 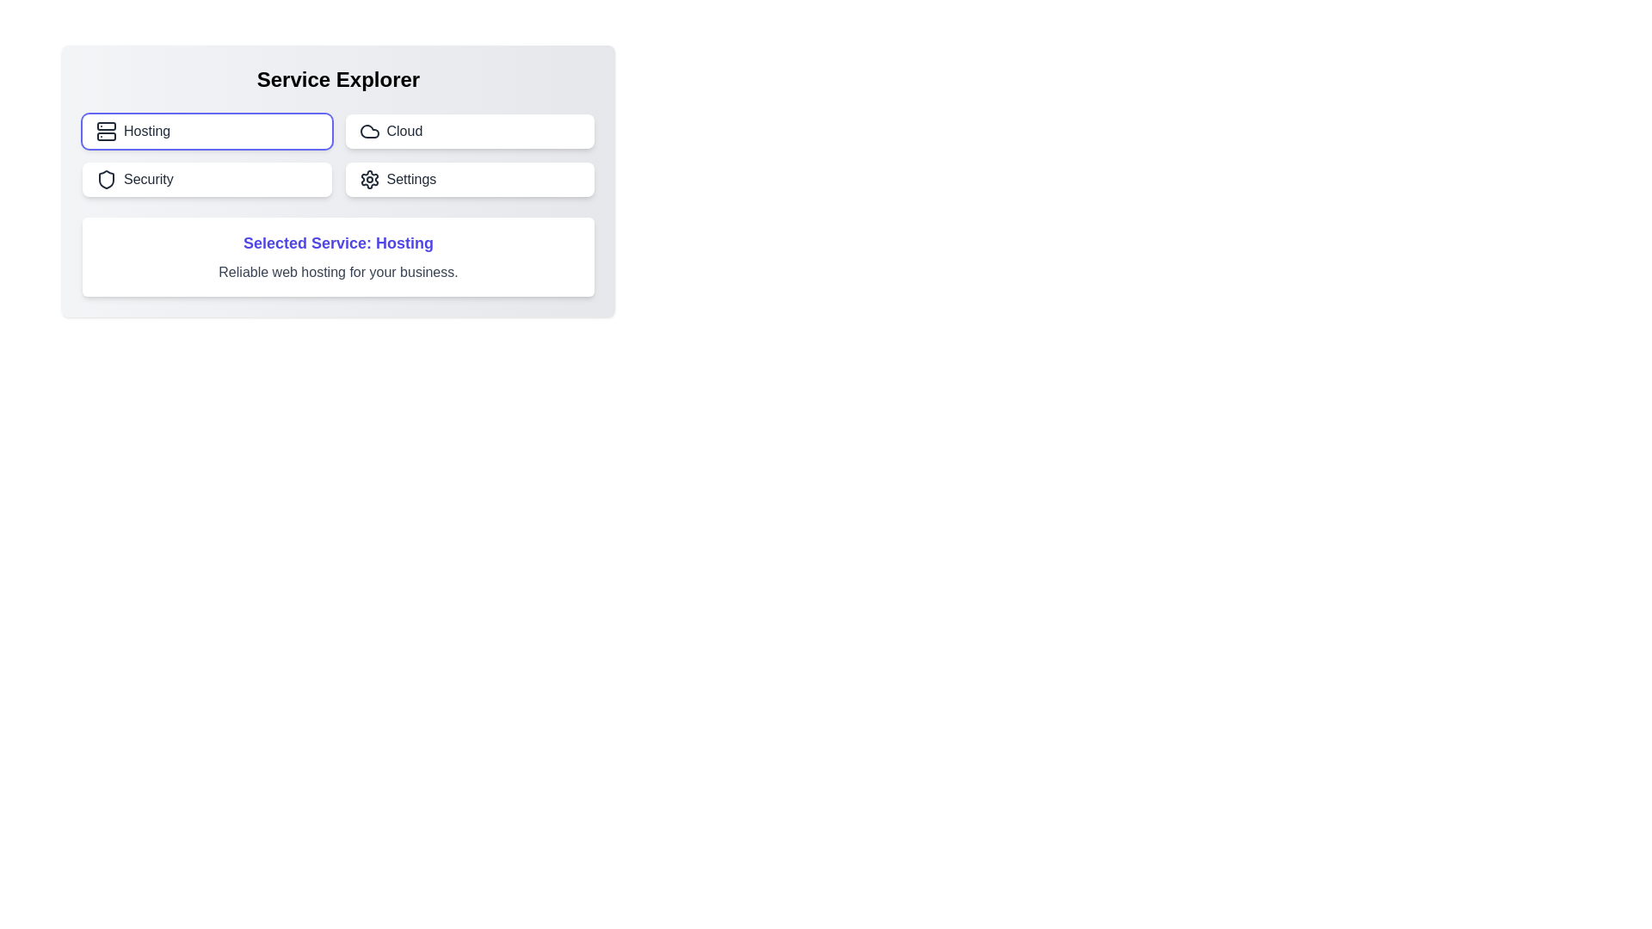 I want to click on the static text label that provides additional information about the selected service, located below the heading 'Selected Service: Hosting', so click(x=338, y=271).